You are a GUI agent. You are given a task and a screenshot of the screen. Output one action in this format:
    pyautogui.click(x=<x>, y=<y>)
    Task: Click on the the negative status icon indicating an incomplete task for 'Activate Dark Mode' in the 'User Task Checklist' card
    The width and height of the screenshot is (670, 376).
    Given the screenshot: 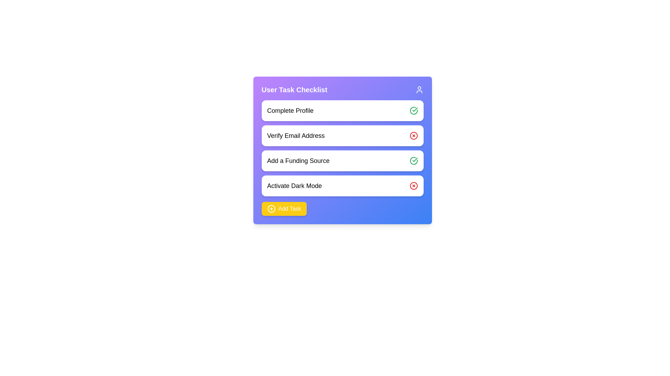 What is the action you would take?
    pyautogui.click(x=414, y=185)
    